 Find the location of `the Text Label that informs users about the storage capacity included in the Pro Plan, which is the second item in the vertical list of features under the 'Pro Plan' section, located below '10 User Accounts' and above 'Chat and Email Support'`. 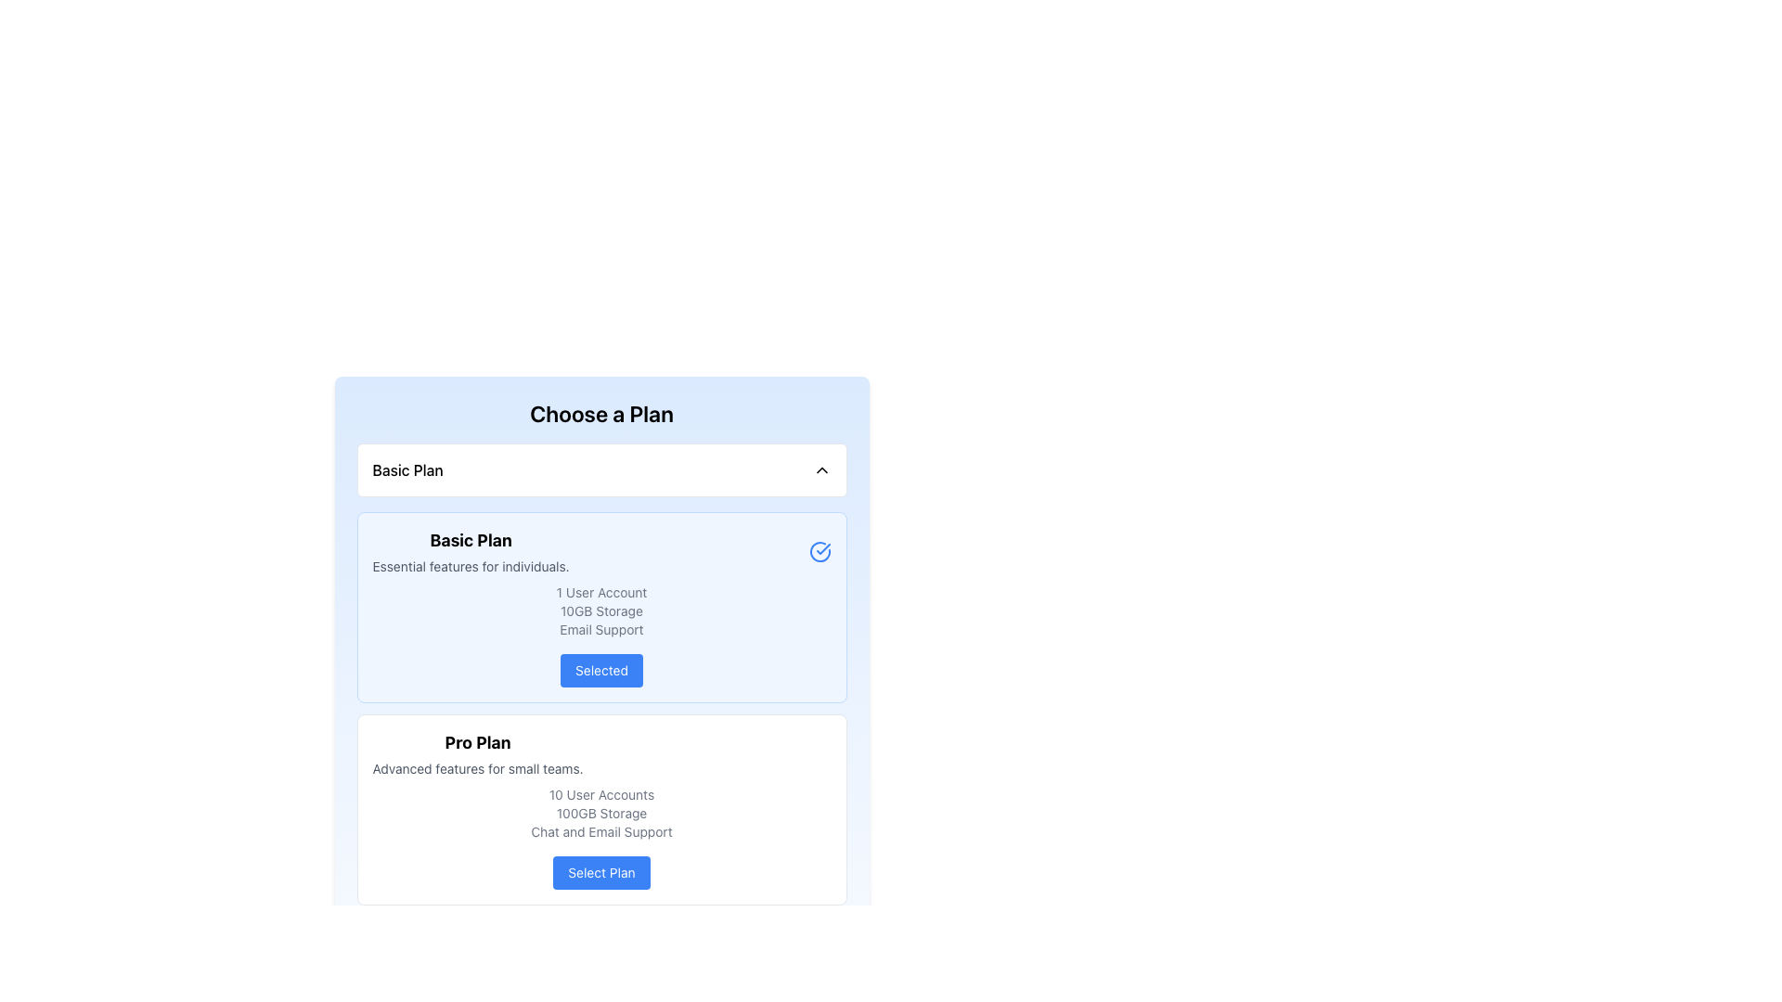

the Text Label that informs users about the storage capacity included in the Pro Plan, which is the second item in the vertical list of features under the 'Pro Plan' section, located below '10 User Accounts' and above 'Chat and Email Support' is located at coordinates (601, 812).